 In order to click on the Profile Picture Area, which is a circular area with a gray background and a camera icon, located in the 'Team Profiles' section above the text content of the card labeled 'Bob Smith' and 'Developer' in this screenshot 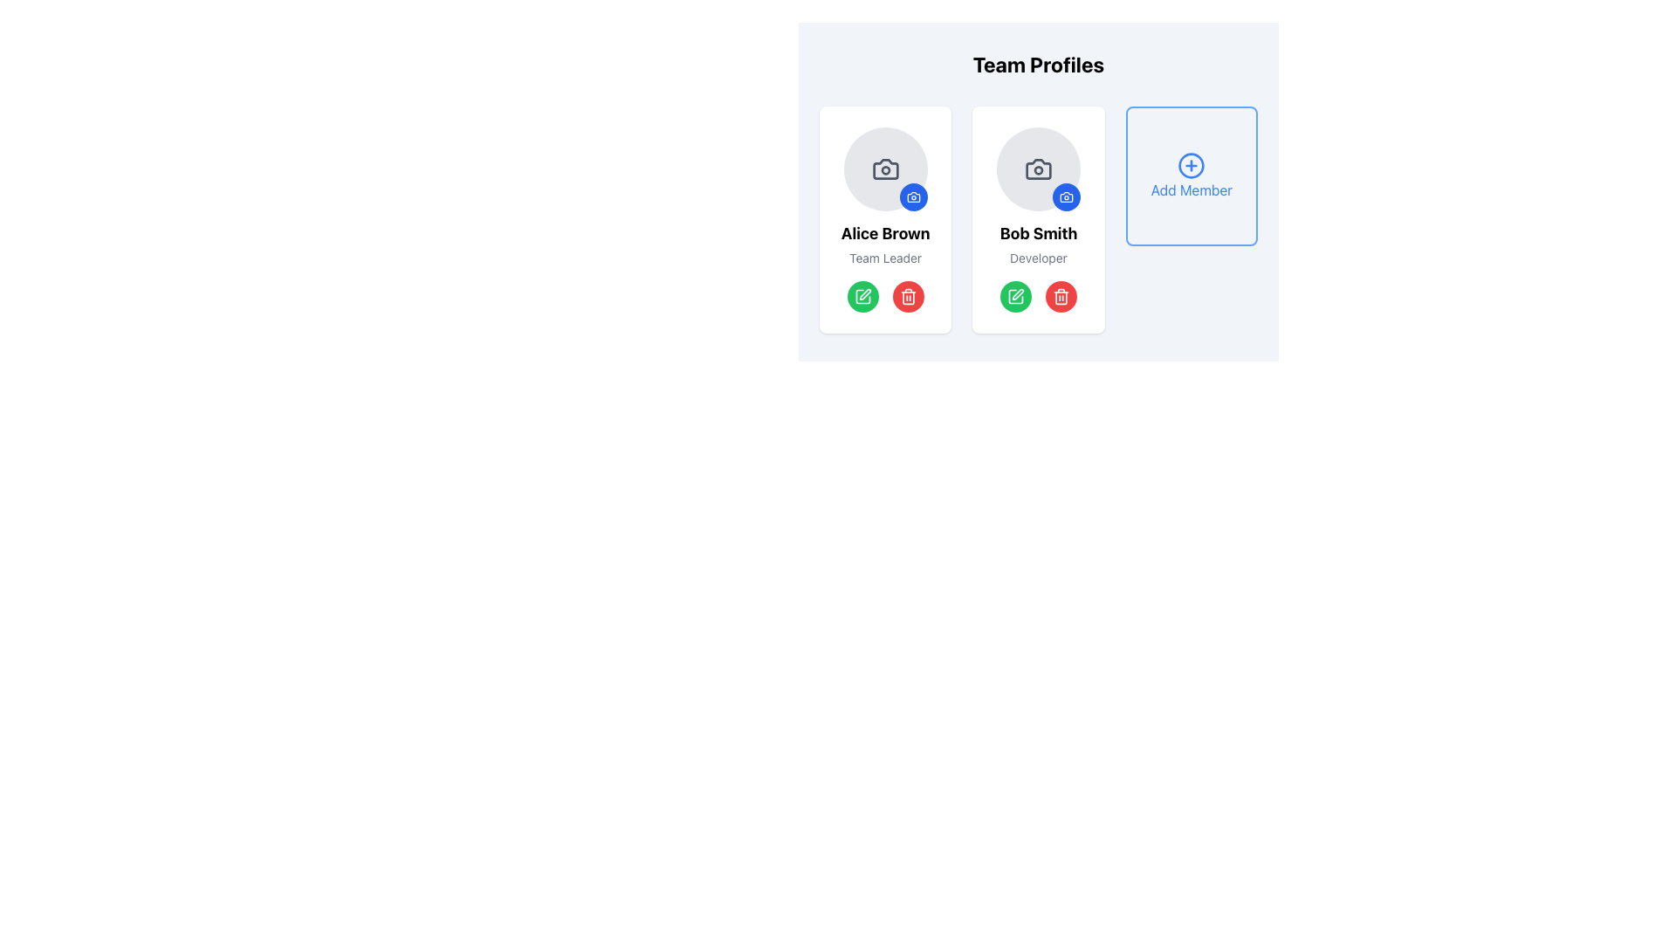, I will do `click(1039, 169)`.